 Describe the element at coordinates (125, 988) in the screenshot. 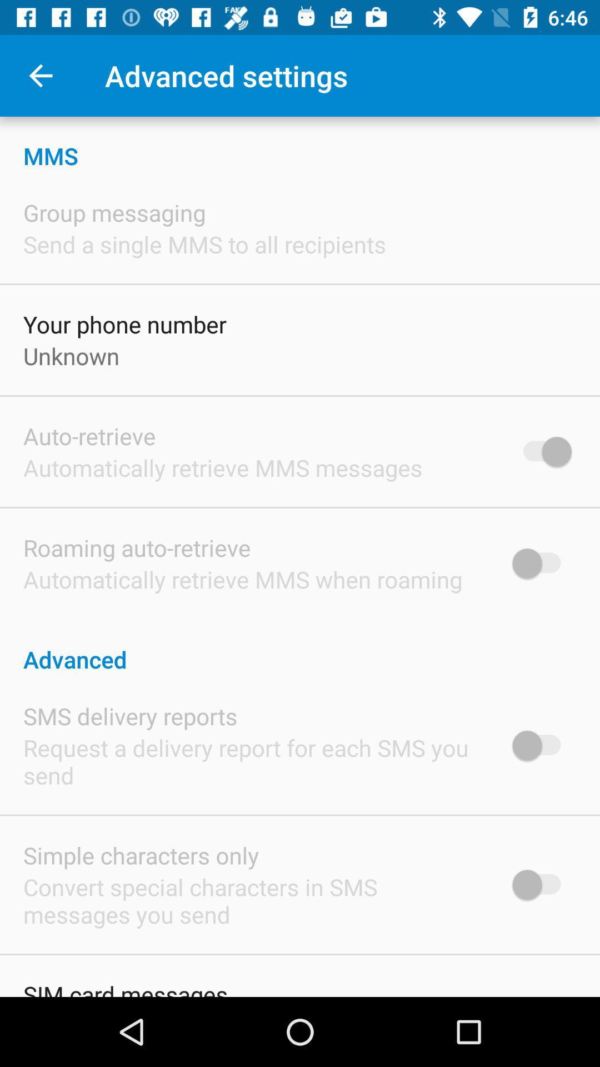

I see `sim card messages icon` at that location.